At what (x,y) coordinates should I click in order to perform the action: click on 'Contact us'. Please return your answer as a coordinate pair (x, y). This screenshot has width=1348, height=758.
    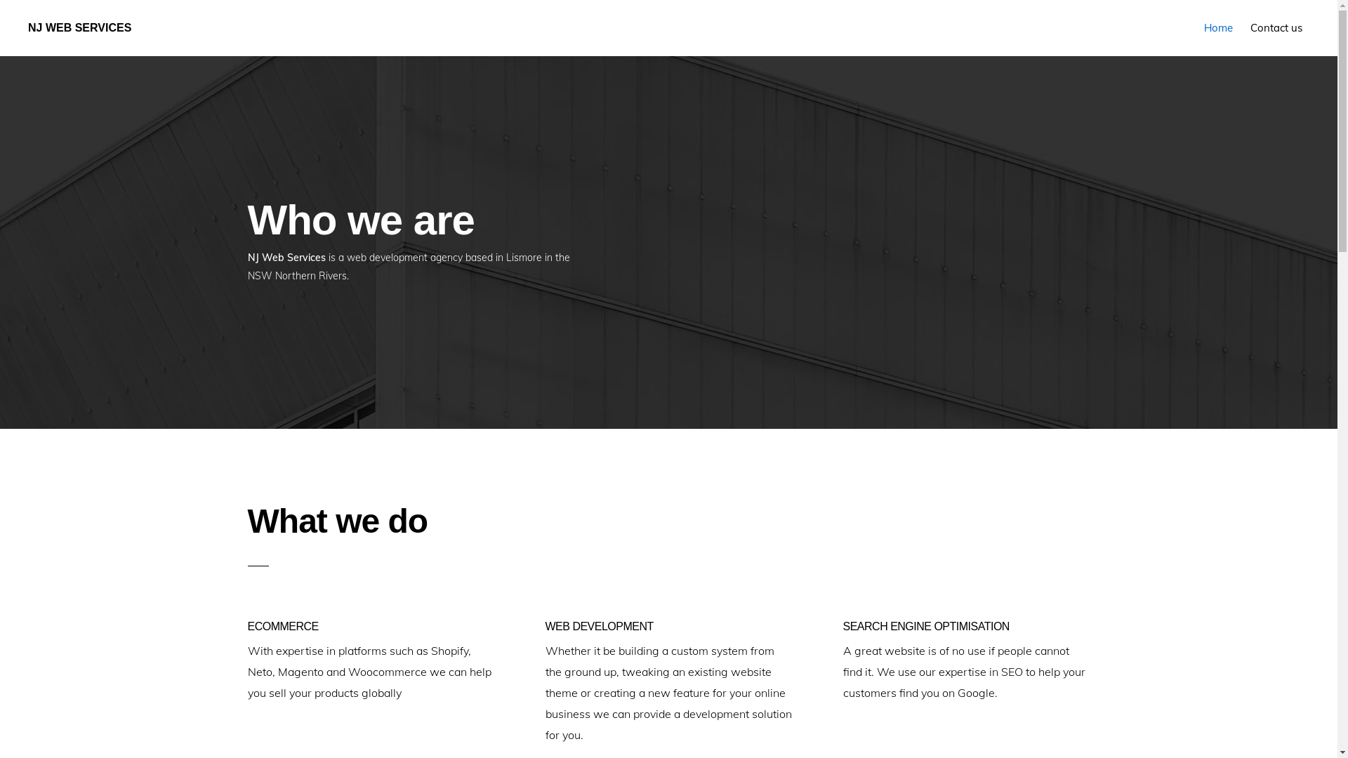
    Looking at the image, I should click on (1276, 27).